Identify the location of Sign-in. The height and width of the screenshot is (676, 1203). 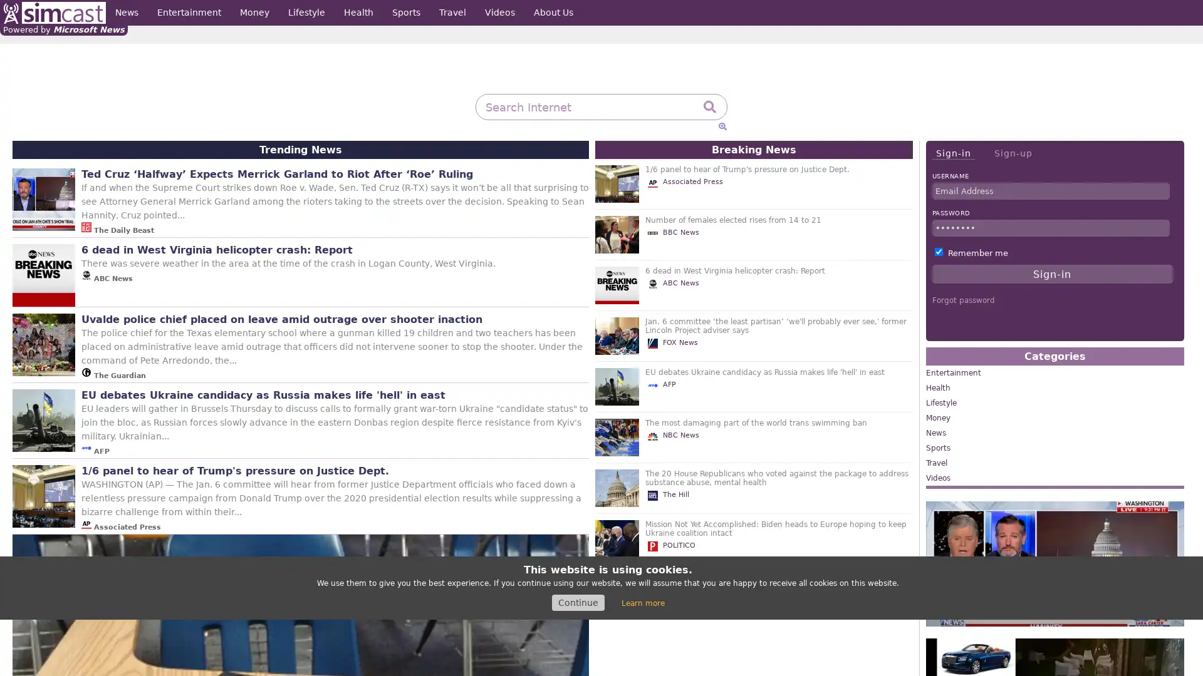
(1052, 274).